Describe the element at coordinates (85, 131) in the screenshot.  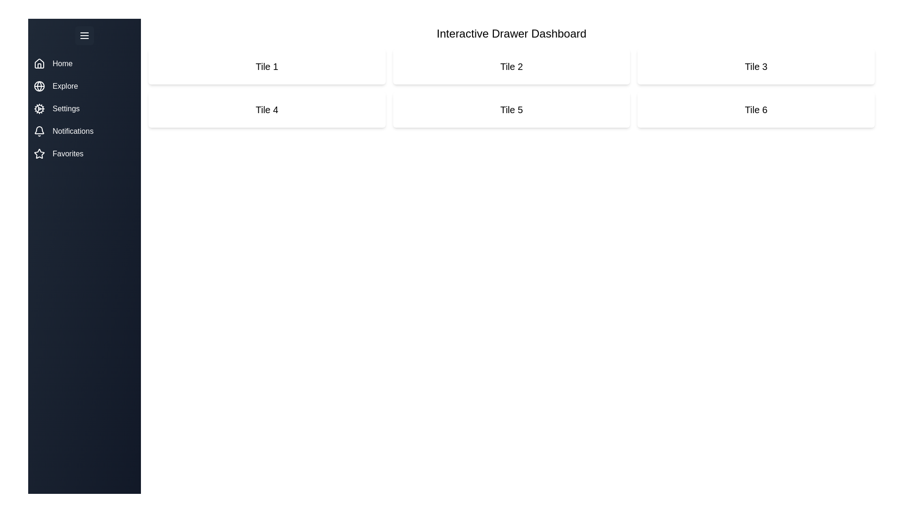
I see `the navigation item Notifications to see its hover effect` at that location.